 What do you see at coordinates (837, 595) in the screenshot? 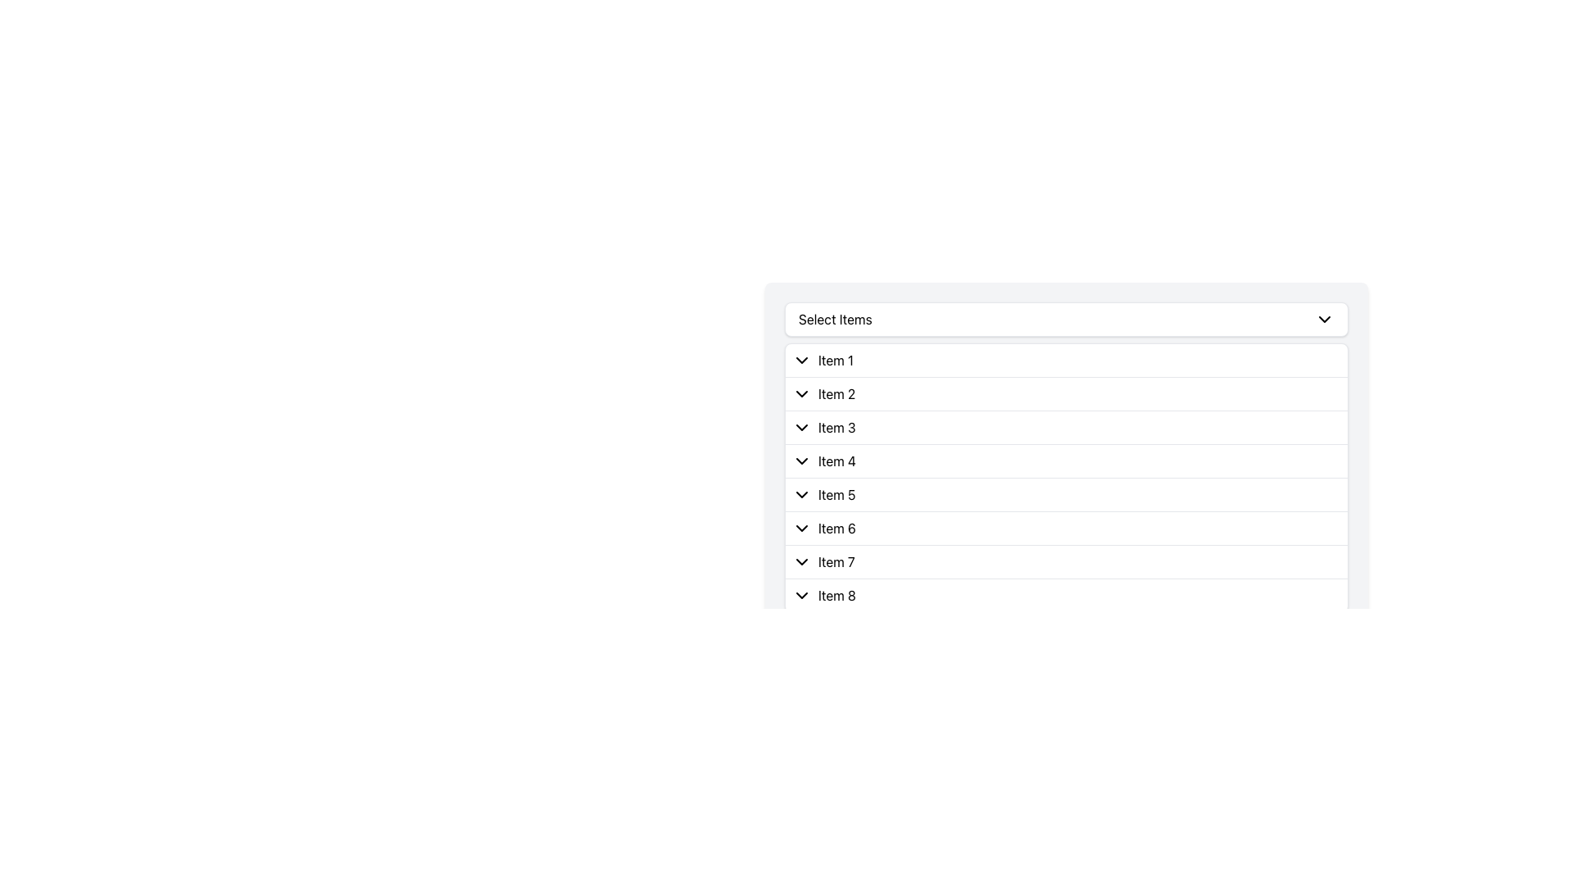
I see `the text label representing the eighth item in the dropdown list for selection` at bounding box center [837, 595].